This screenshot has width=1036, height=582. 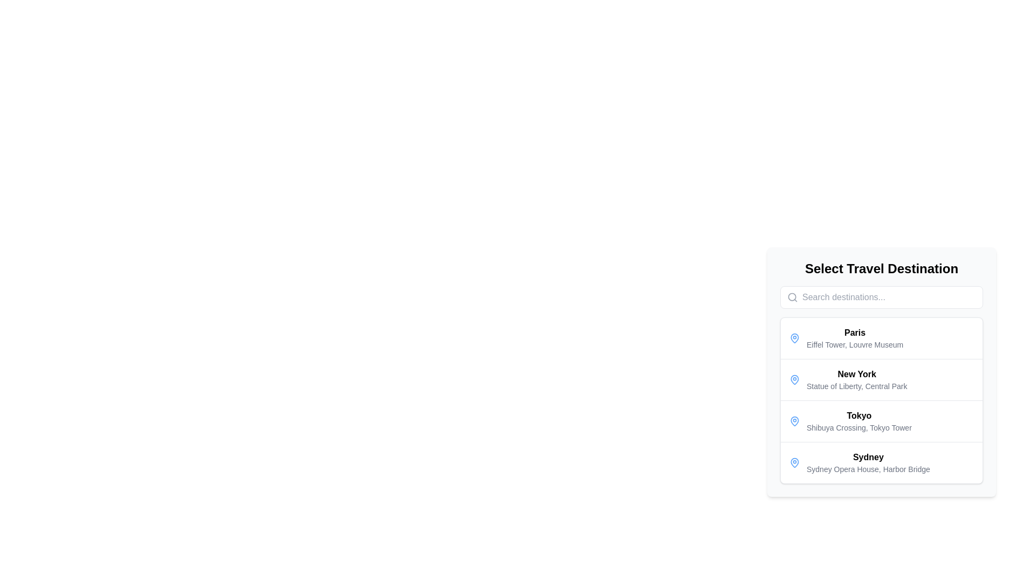 I want to click on the list item that displays 'Tokyo' with the description 'Shibuya Crossing, Tokyo Tower', so click(x=858, y=421).